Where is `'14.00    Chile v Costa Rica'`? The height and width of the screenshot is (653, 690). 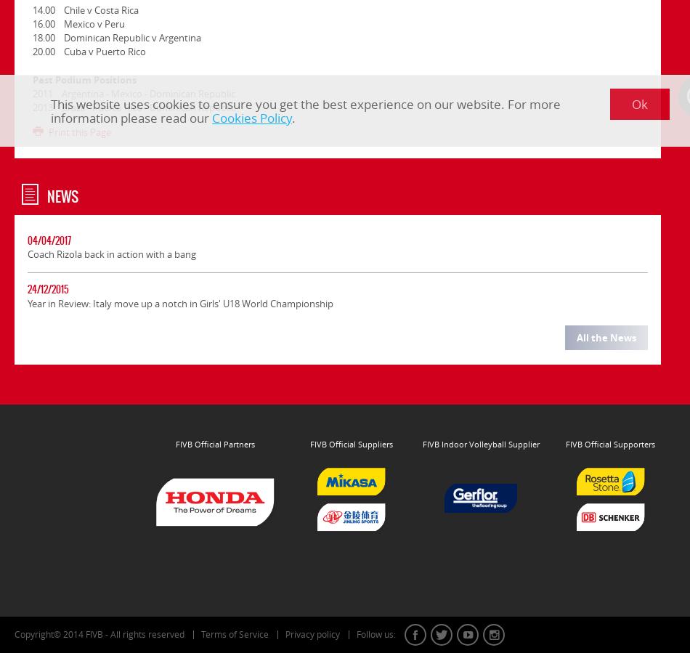
'14.00    Chile v Costa Rica' is located at coordinates (85, 9).